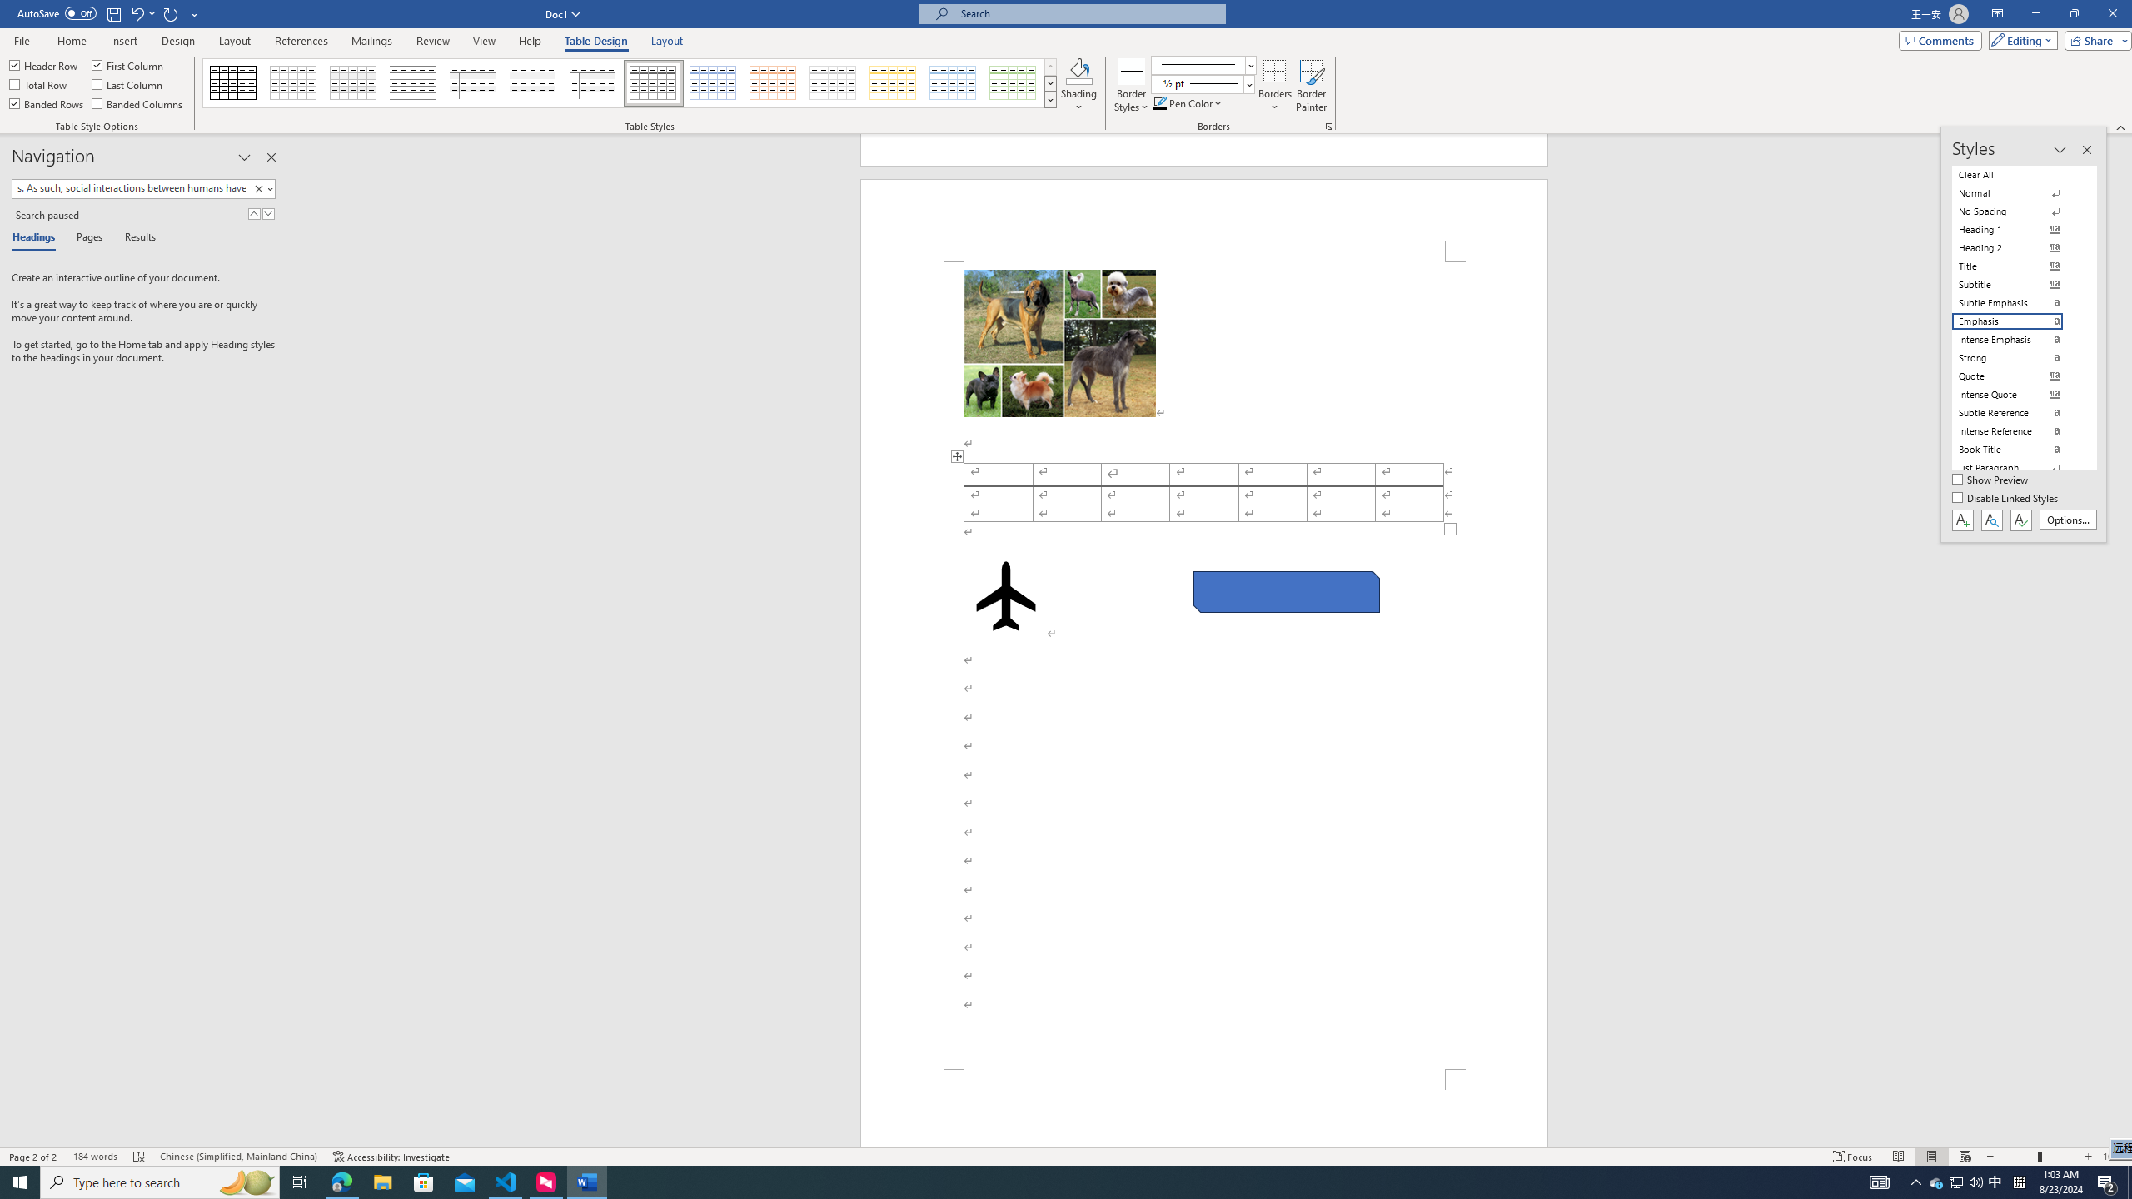 The width and height of the screenshot is (2132, 1199). What do you see at coordinates (261, 187) in the screenshot?
I see `'Clear'` at bounding box center [261, 187].